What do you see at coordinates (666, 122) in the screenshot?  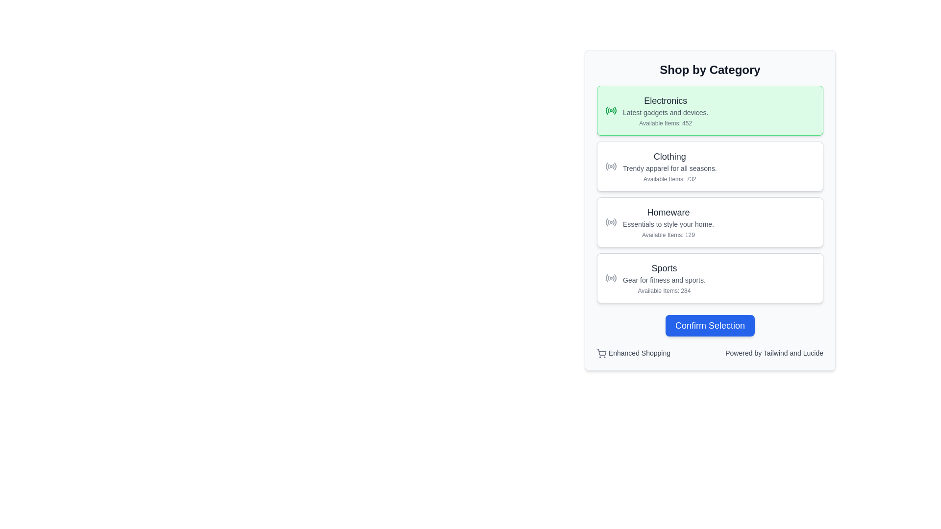 I see `the static text label displaying 'Available Items: 452', which is located below the 'Latest gadgets and devices.' in the 'Electronics' panel` at bounding box center [666, 122].